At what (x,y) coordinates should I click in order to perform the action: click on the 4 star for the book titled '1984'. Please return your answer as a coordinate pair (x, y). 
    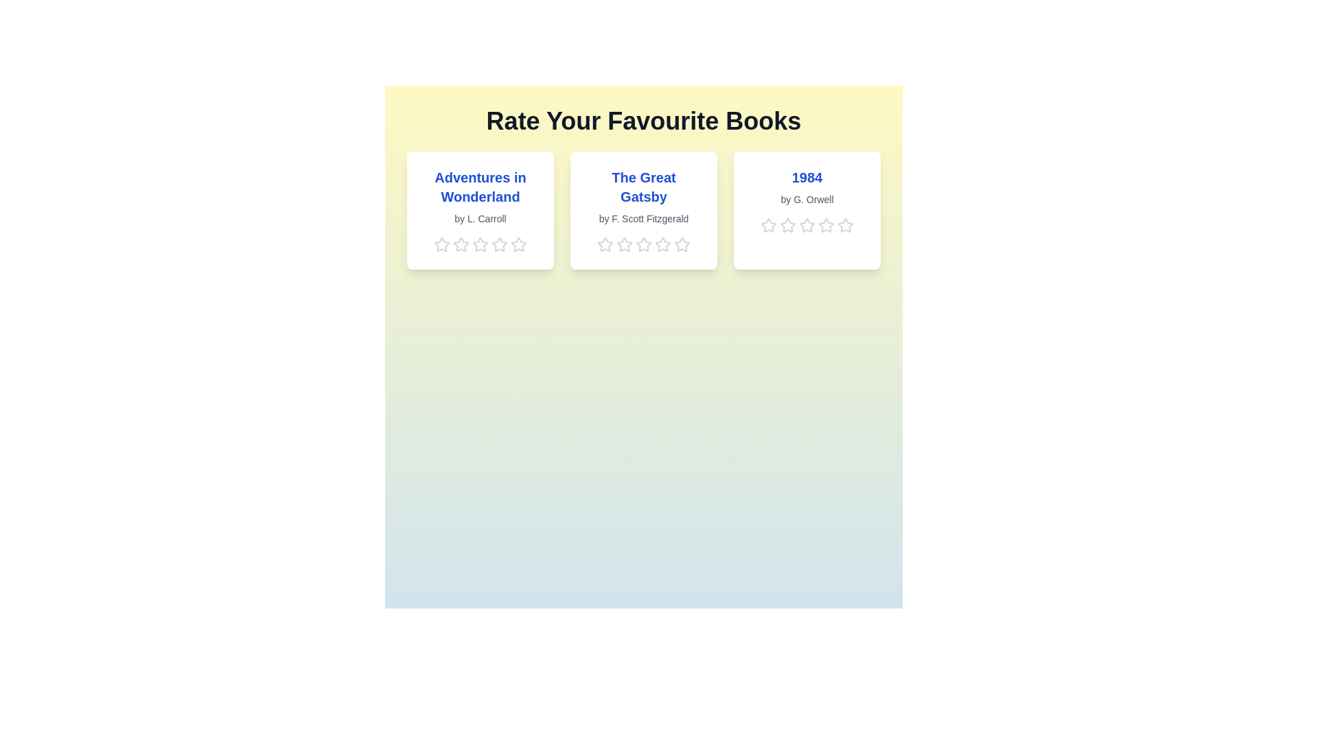
    Looking at the image, I should click on (826, 224).